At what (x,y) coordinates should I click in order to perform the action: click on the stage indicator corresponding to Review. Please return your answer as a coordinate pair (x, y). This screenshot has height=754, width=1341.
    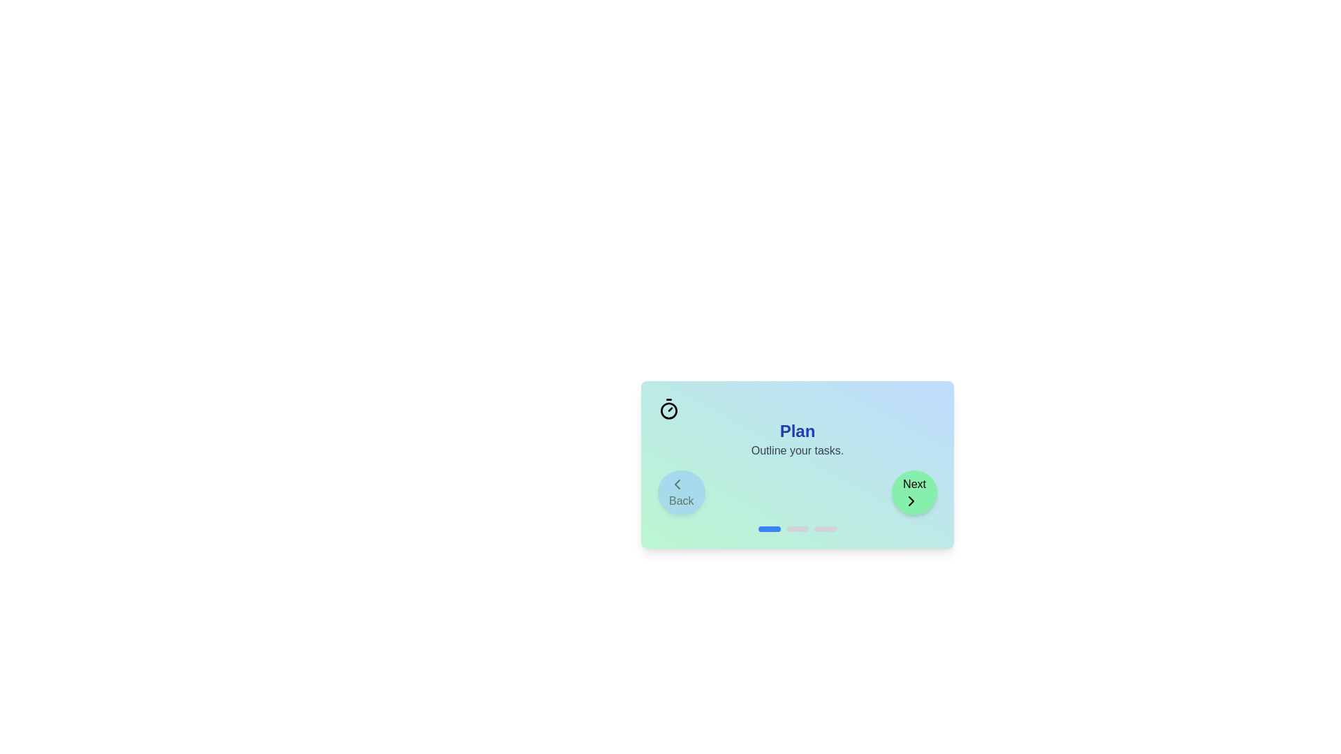
    Looking at the image, I should click on (825, 529).